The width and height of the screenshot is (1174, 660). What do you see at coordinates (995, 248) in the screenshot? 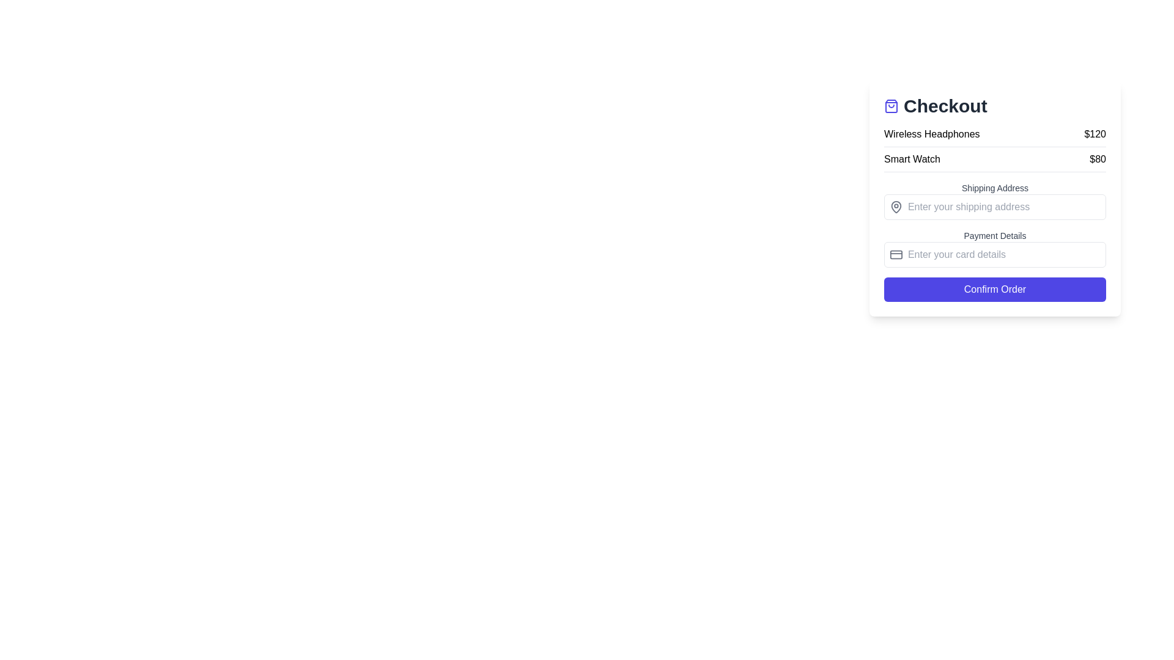
I see `the second input field for card details in the checkout form, located below 'Shipping Address' and above 'Confirm Order'` at bounding box center [995, 248].